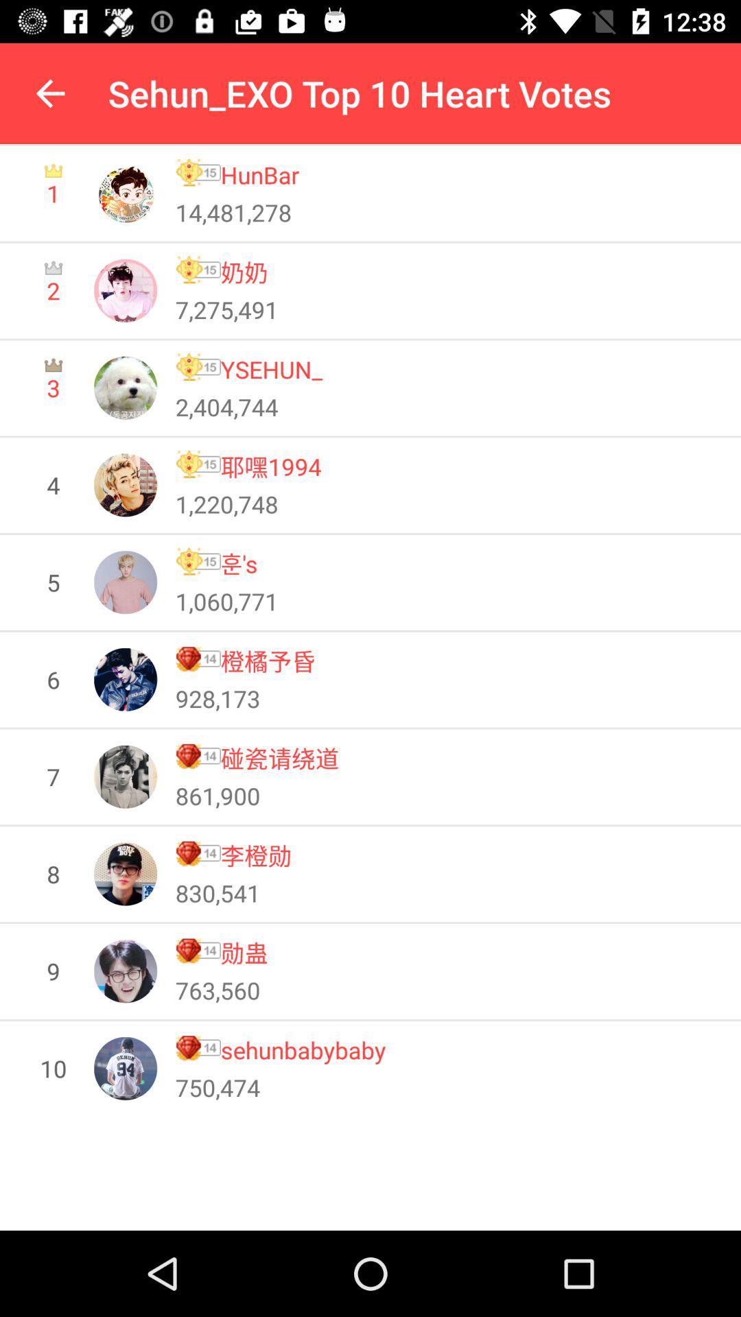  What do you see at coordinates (217, 1087) in the screenshot?
I see `icon below sehunbabybaby icon` at bounding box center [217, 1087].